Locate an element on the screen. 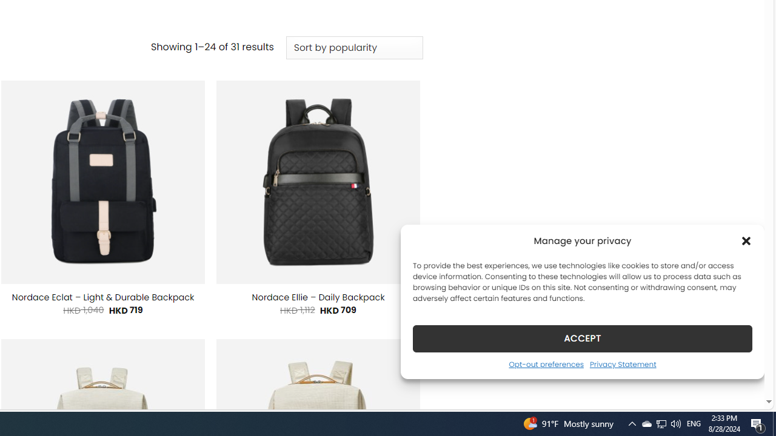 This screenshot has width=776, height=436. 'Privacy Statement' is located at coordinates (623, 363).